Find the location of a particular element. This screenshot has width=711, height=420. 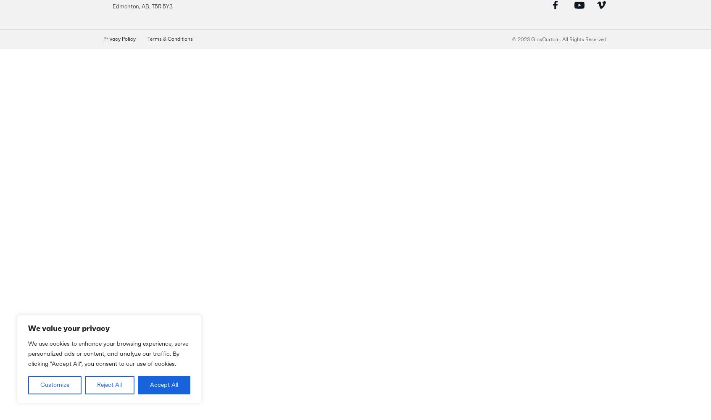

'Edmonton, AB, T5R 5Y3' is located at coordinates (142, 7).